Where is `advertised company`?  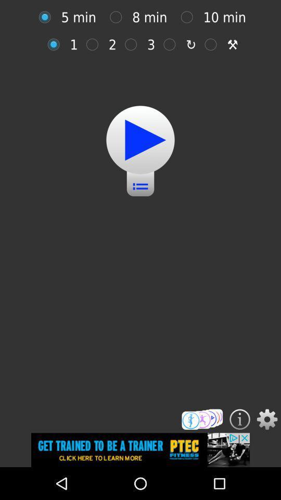
advertised company is located at coordinates (140, 449).